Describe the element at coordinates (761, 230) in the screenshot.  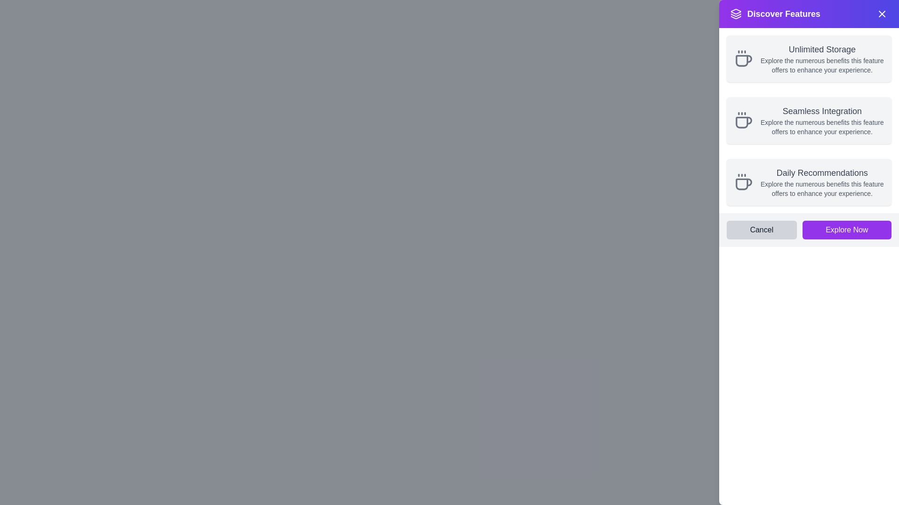
I see `the 'Cancel' button, which has a rounded shape, a light gray background, and black text` at that location.